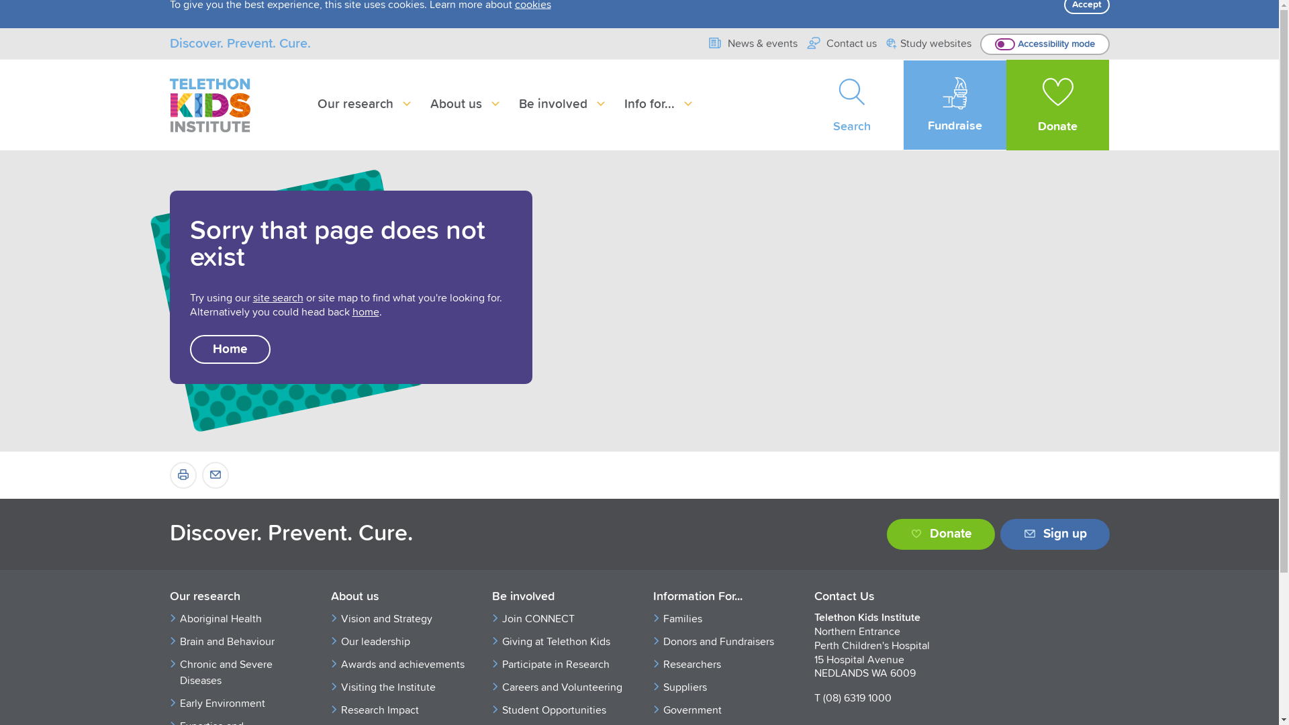 This screenshot has width=1289, height=725. Describe the element at coordinates (928, 44) in the screenshot. I see `'Study websites'` at that location.